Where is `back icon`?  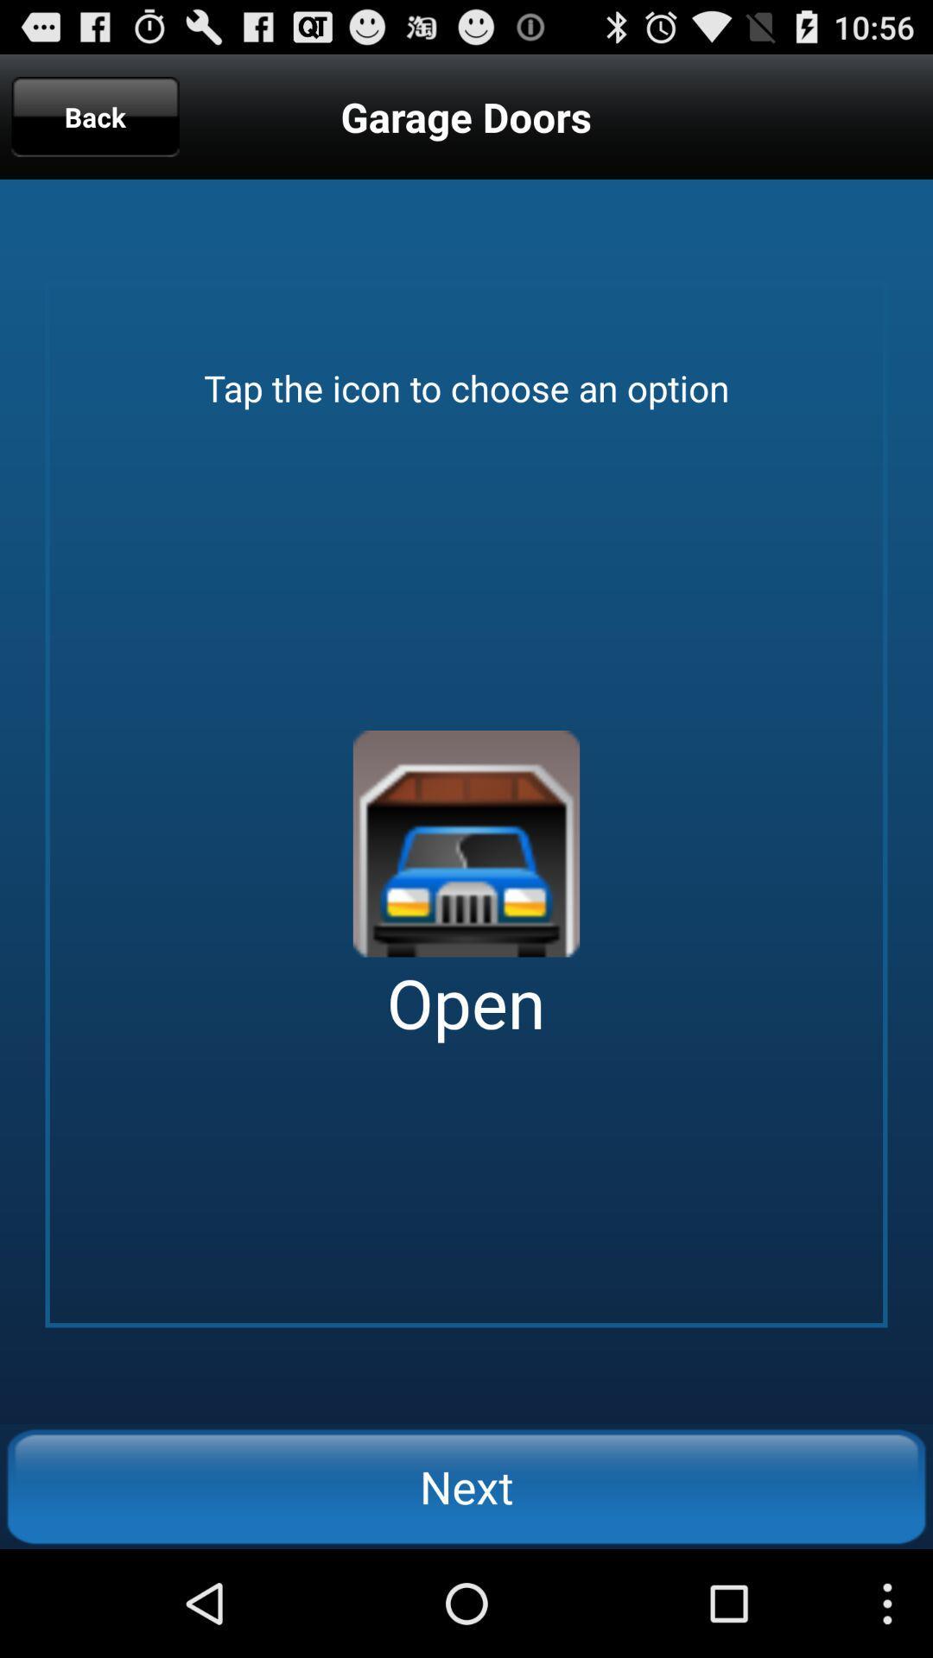
back icon is located at coordinates (95, 116).